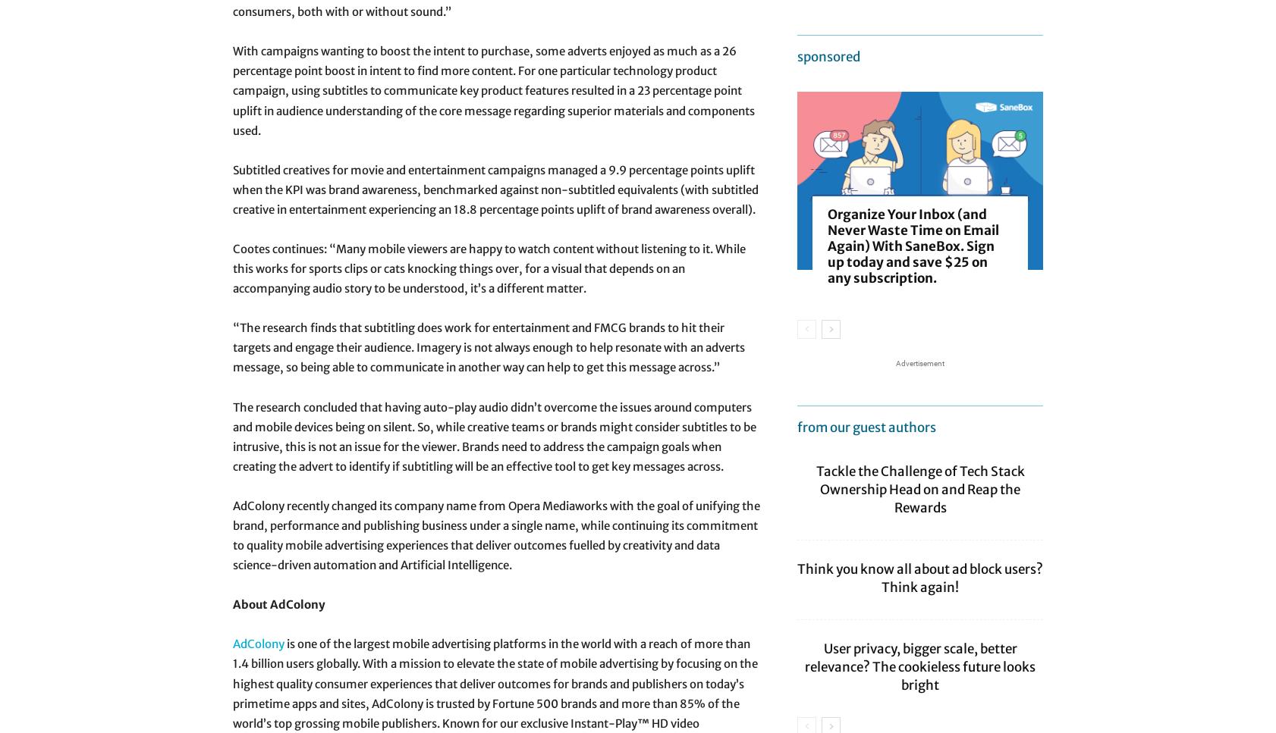 This screenshot has width=1276, height=733. What do you see at coordinates (919, 488) in the screenshot?
I see `'Tackle the Challenge of Tech Stack Ownership Head on and Reap the Rewards'` at bounding box center [919, 488].